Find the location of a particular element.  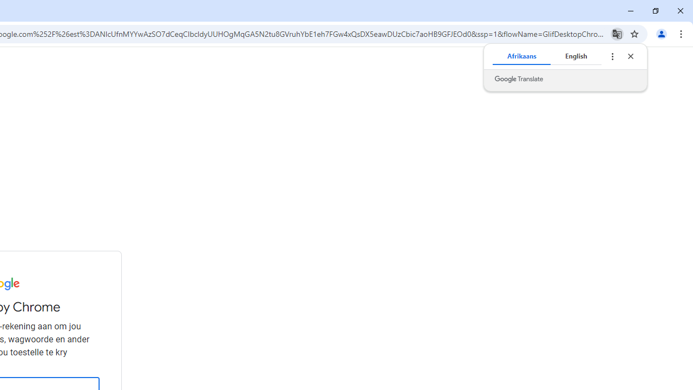

'Translate this page' is located at coordinates (617, 33).